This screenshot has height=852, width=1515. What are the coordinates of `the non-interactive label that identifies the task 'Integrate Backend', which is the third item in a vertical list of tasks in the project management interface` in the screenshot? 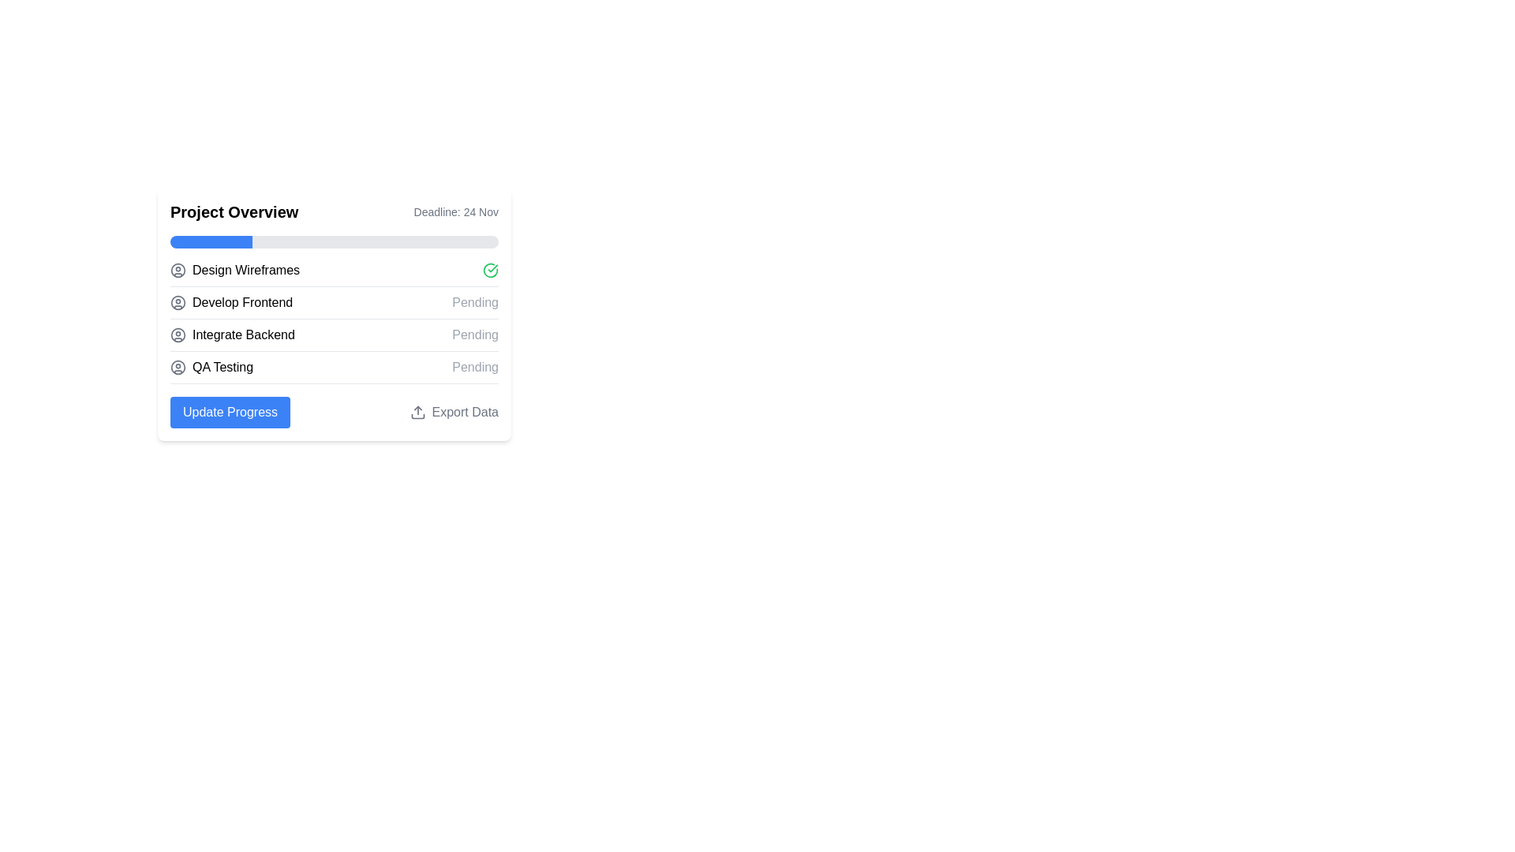 It's located at (231, 334).